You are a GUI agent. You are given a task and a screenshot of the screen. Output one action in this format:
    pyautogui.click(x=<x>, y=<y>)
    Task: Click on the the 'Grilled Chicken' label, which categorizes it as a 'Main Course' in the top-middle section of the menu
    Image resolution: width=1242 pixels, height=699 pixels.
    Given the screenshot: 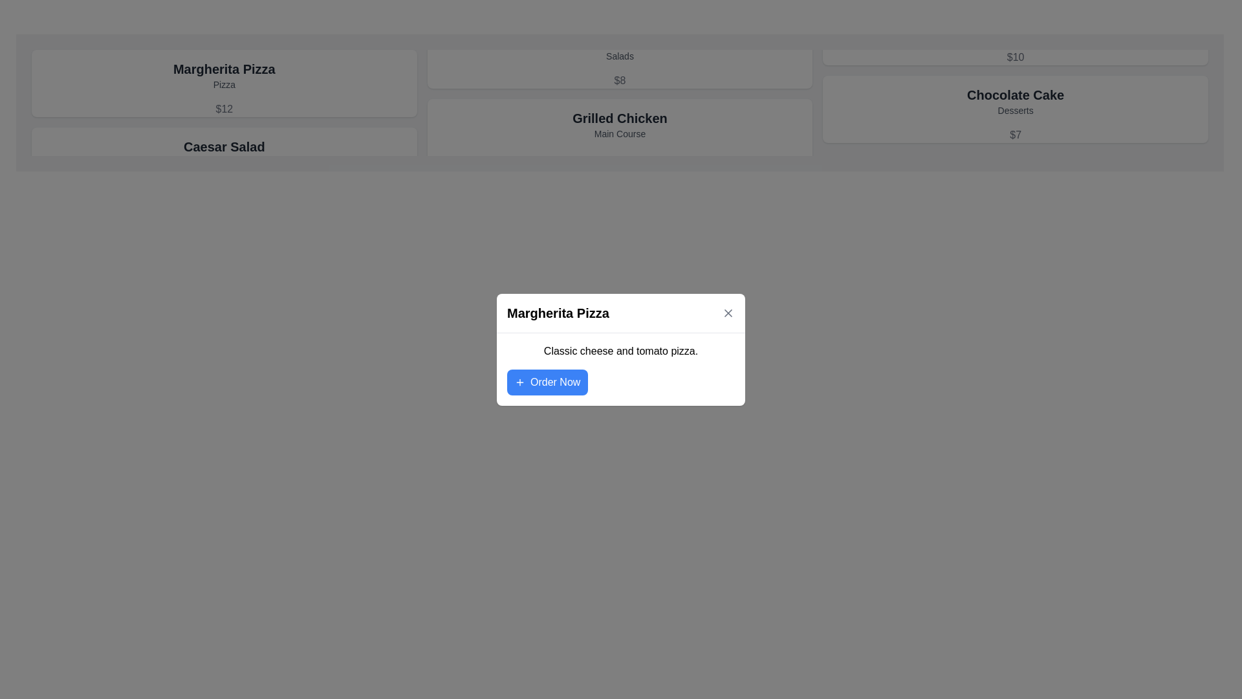 What is the action you would take?
    pyautogui.click(x=619, y=124)
    